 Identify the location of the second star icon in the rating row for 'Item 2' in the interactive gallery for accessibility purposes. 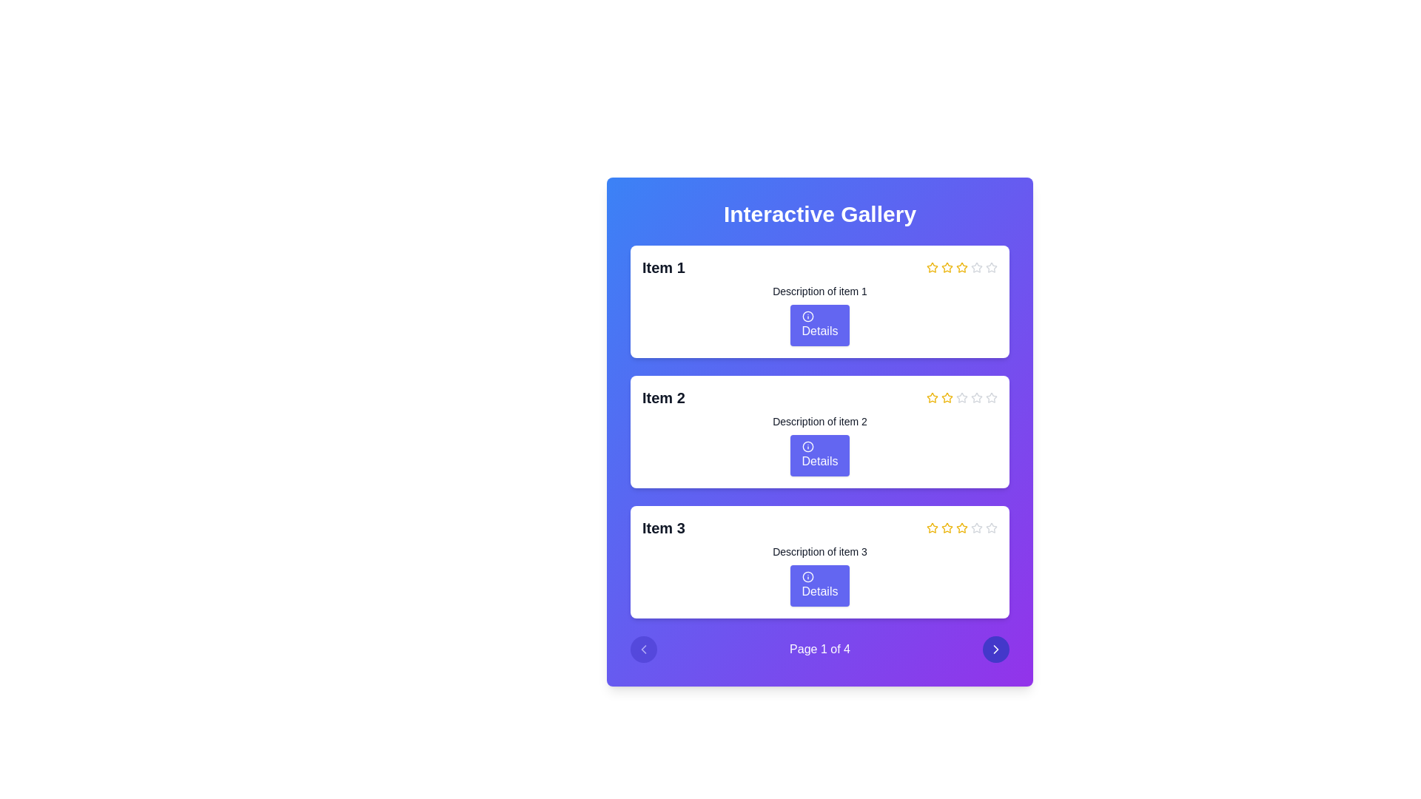
(947, 397).